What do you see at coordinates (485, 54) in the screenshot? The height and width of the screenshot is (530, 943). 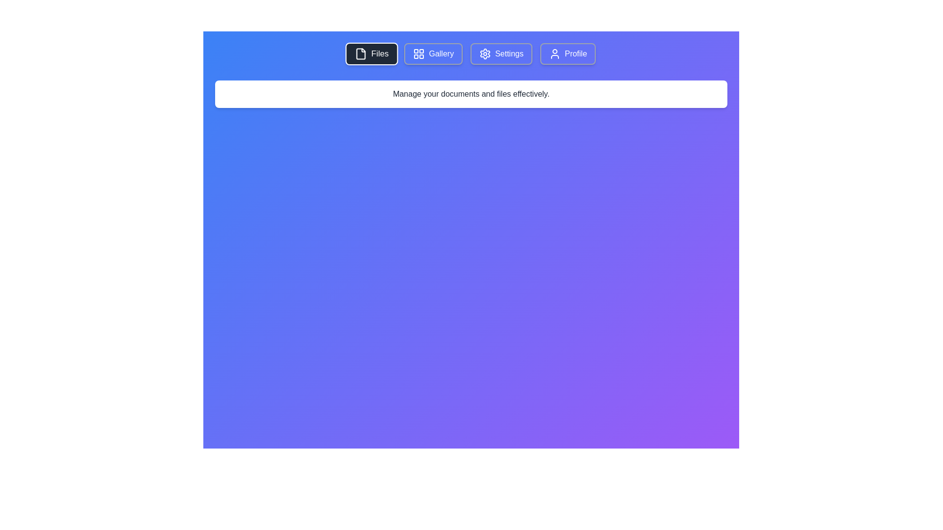 I see `the 'Settings' icon located to the left of the label text in the third button of the top navigation bar` at bounding box center [485, 54].